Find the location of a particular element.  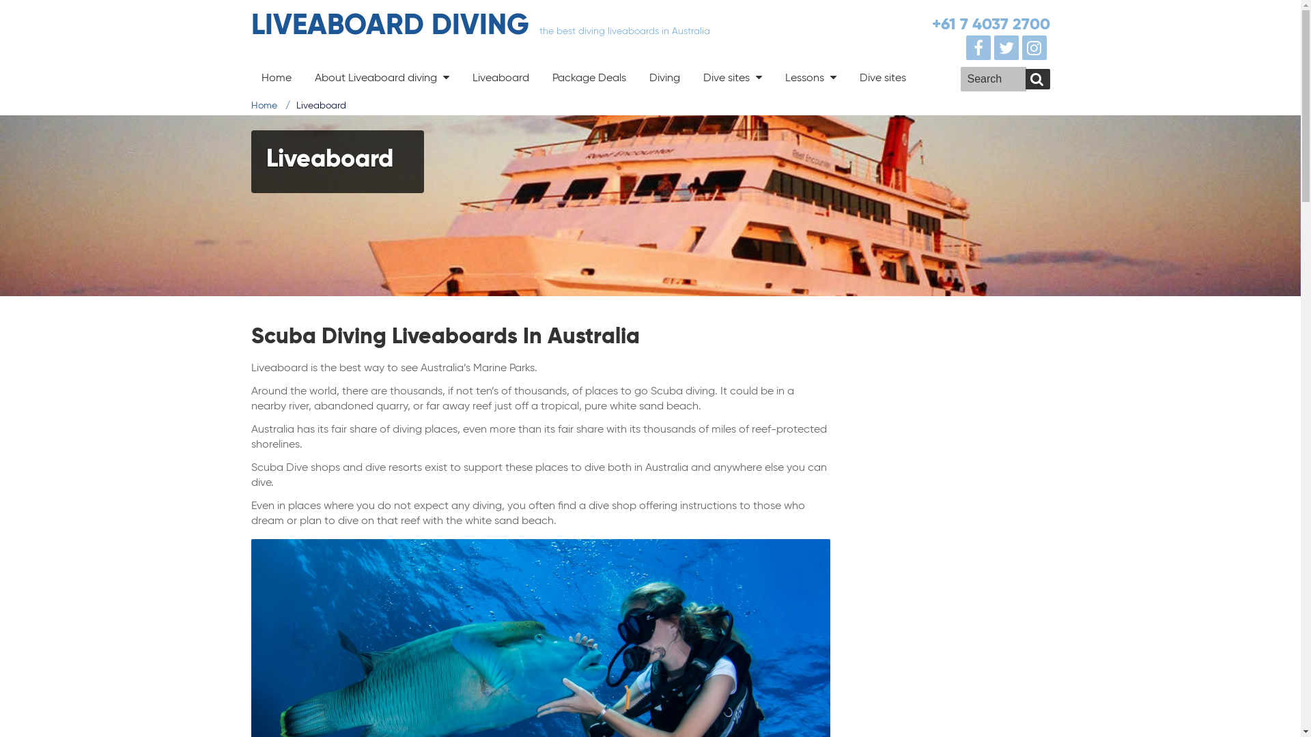

'0 followers on Instagram' is located at coordinates (1022, 47).